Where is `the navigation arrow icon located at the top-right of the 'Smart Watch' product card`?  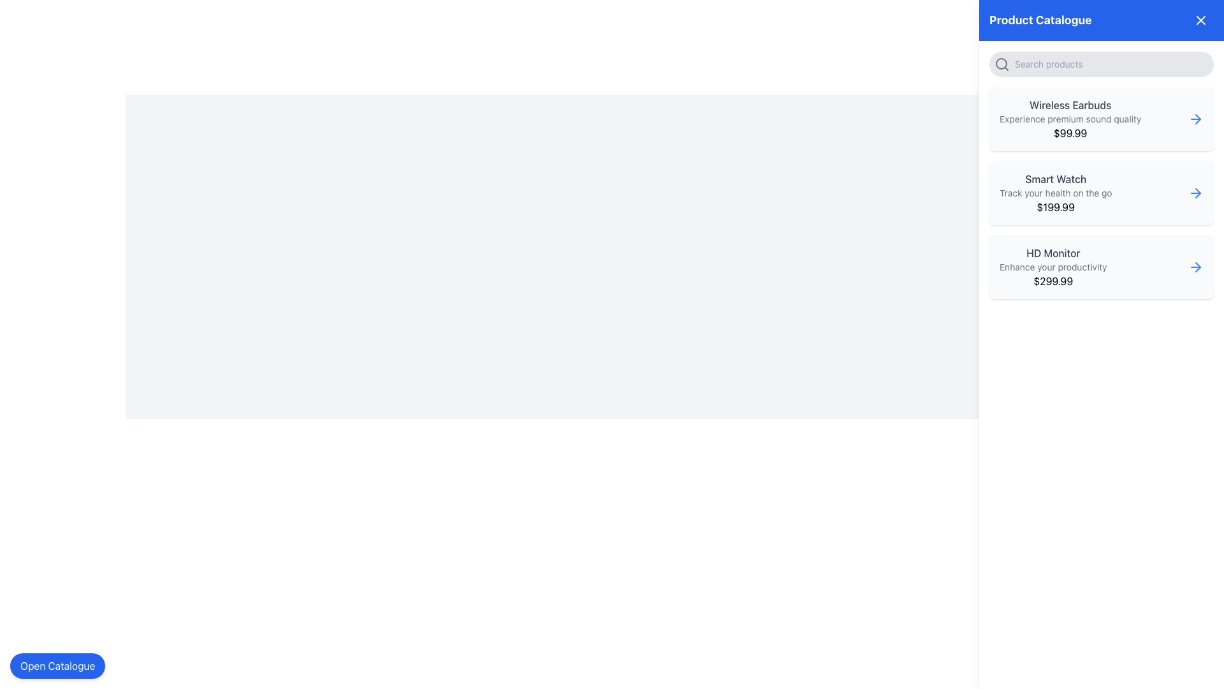 the navigation arrow icon located at the top-right of the 'Smart Watch' product card is located at coordinates (1195, 193).